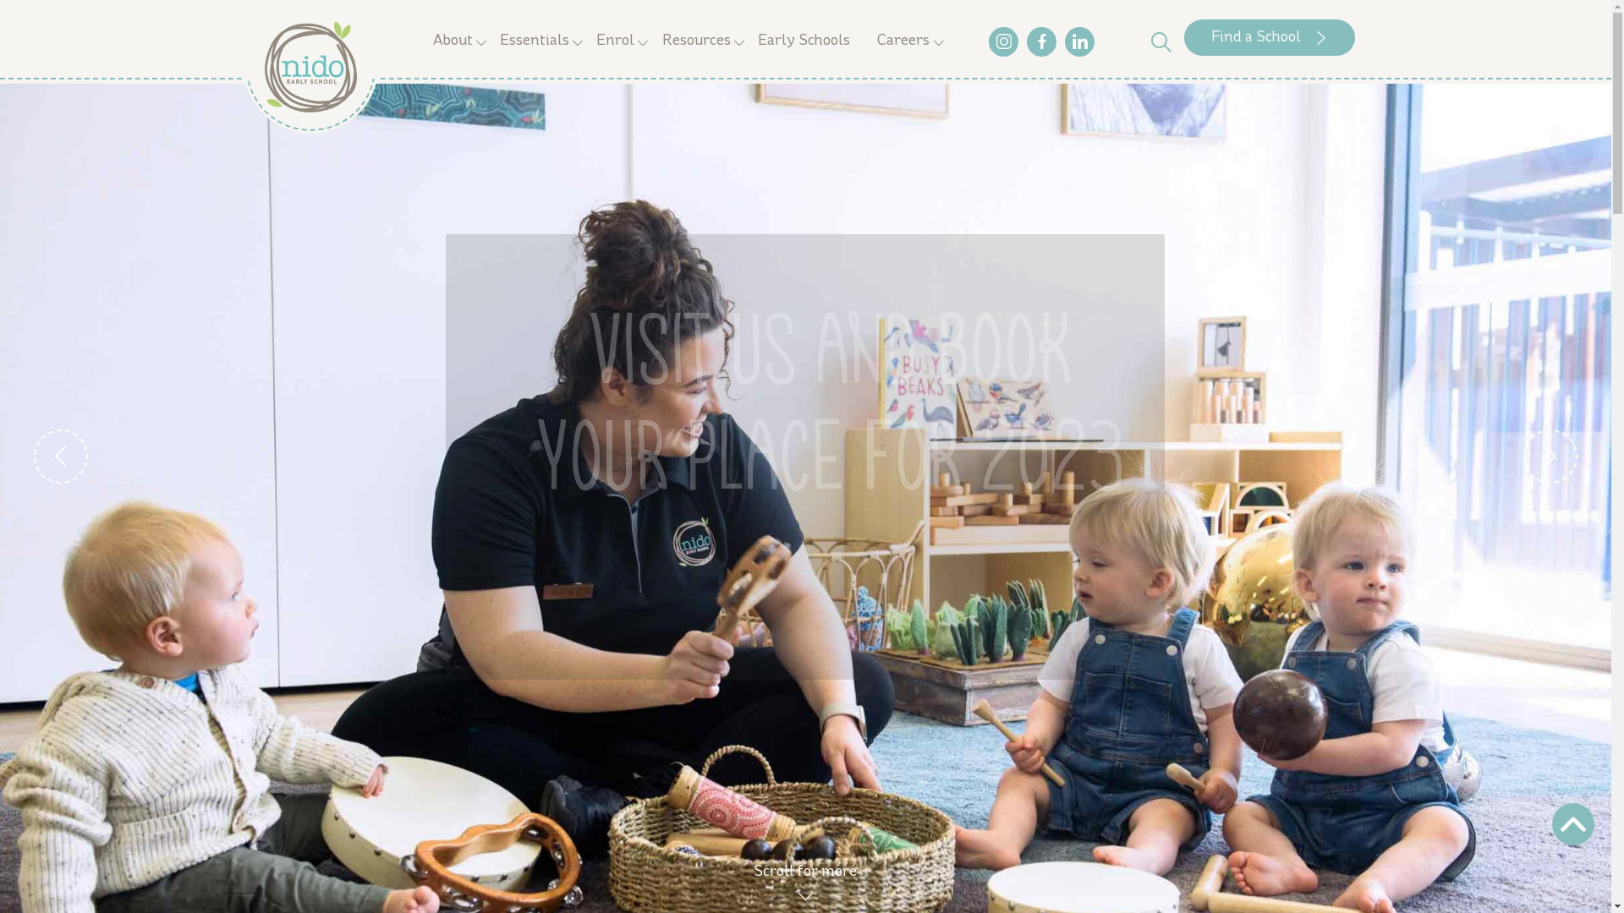 Image resolution: width=1624 pixels, height=913 pixels. Describe the element at coordinates (614, 41) in the screenshot. I see `'Enrol'` at that location.